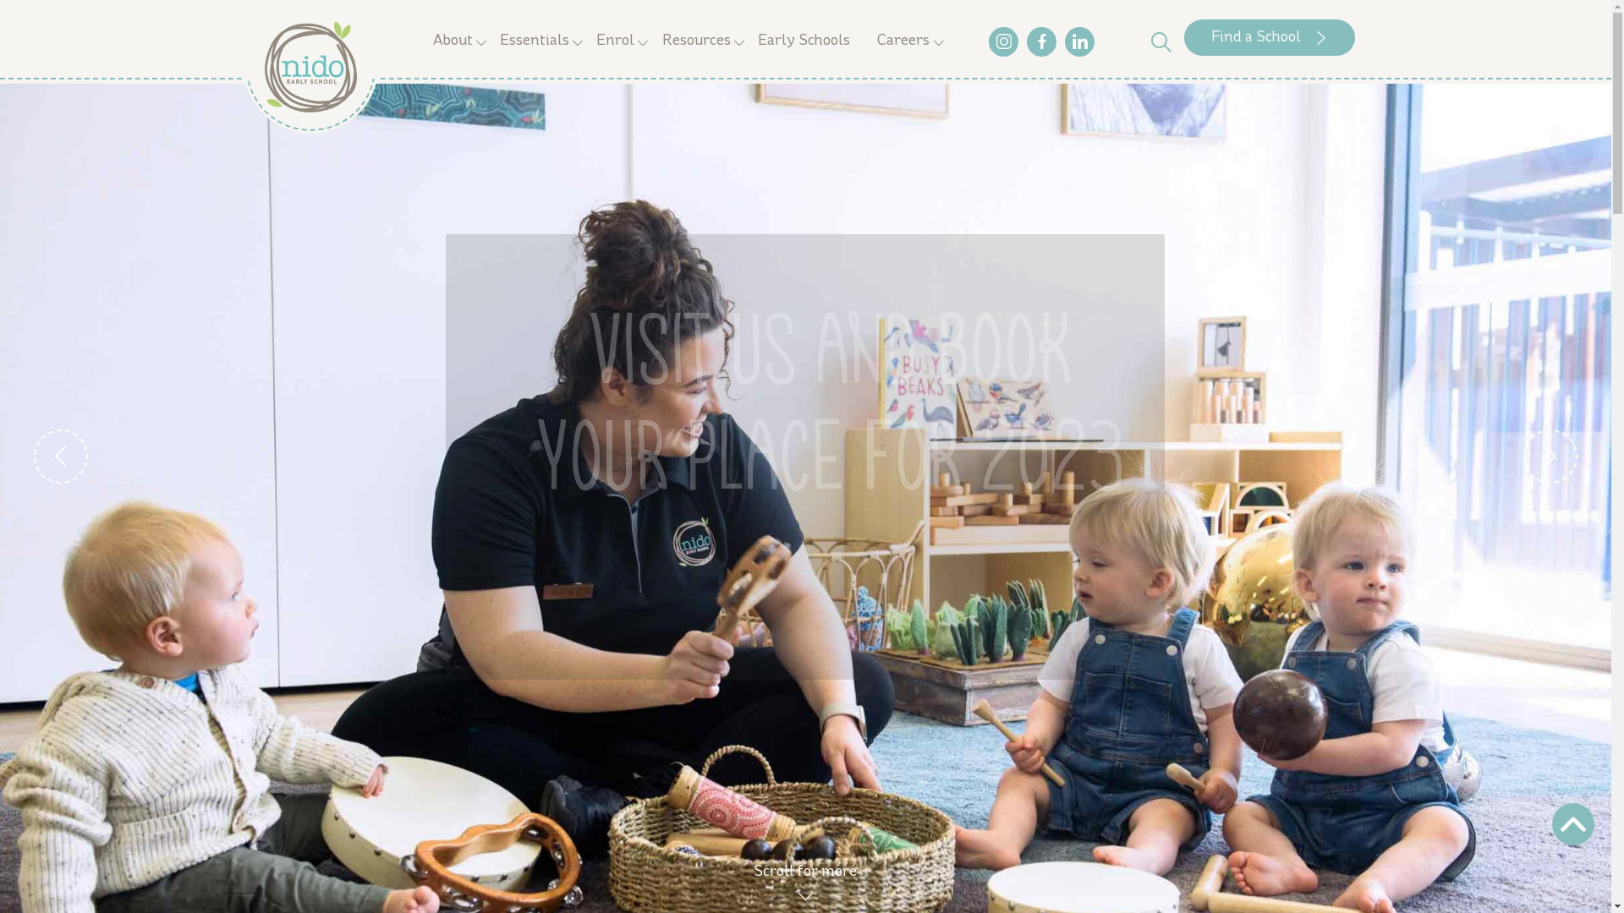 Image resolution: width=1624 pixels, height=913 pixels. Describe the element at coordinates (614, 41) in the screenshot. I see `'Enrol'` at that location.